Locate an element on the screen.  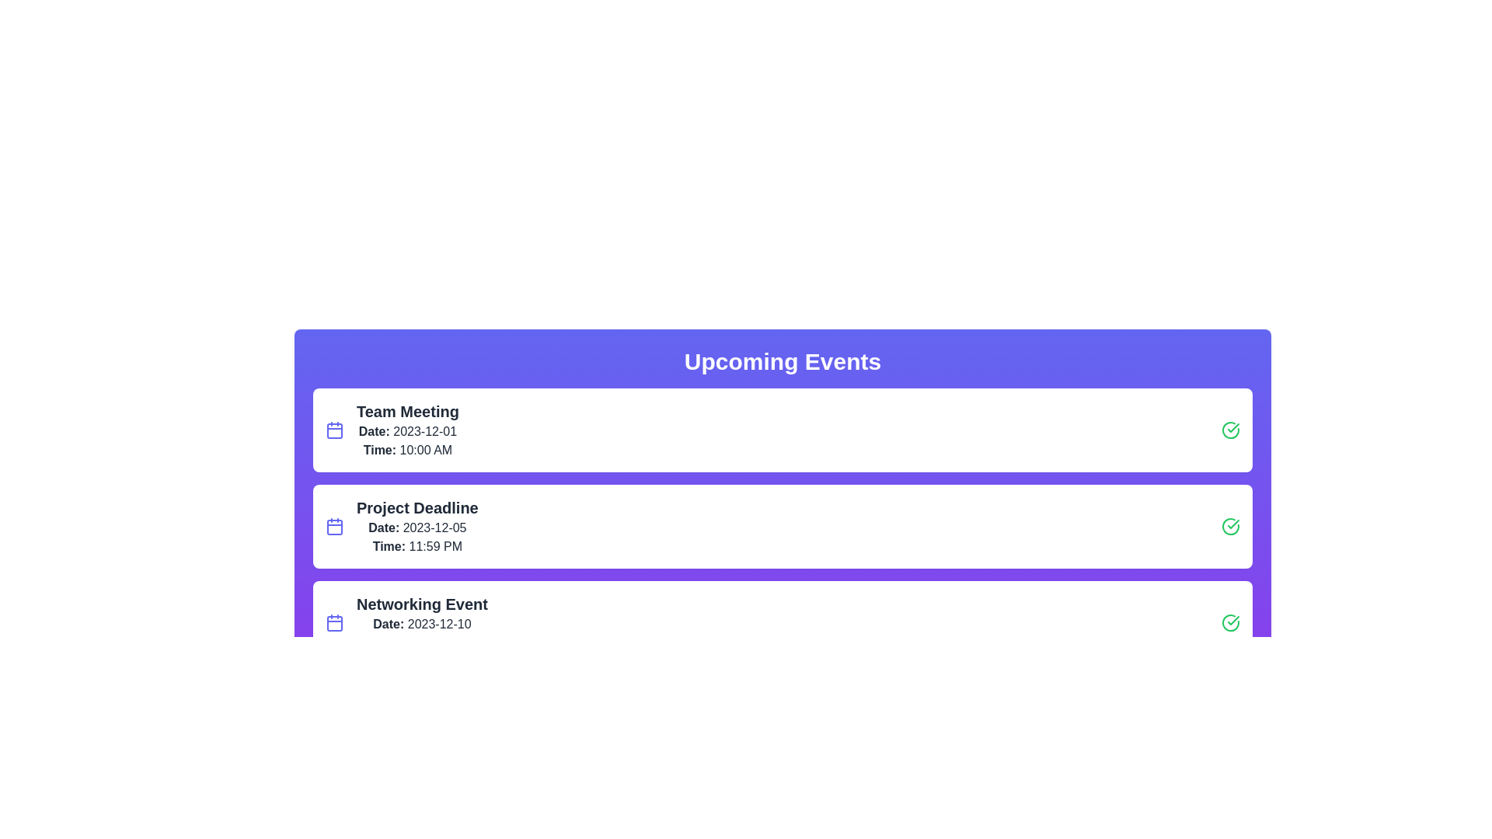
the confirmation status icon located on the rightmost side of the 'Team Meeting' card in the 'Upcoming Events' section, positioned next to the date and time text is located at coordinates (1230, 430).